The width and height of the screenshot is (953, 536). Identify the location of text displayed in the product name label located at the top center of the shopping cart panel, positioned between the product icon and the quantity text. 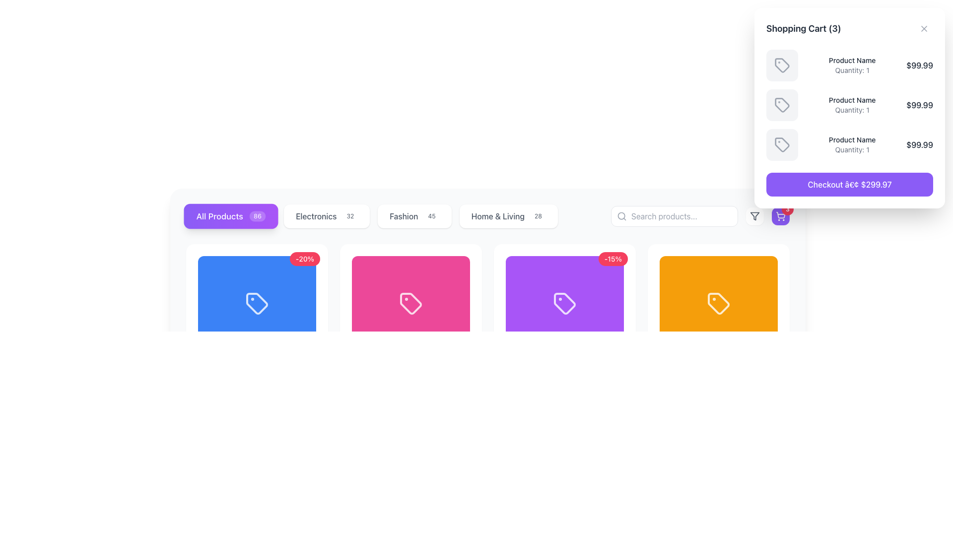
(852, 100).